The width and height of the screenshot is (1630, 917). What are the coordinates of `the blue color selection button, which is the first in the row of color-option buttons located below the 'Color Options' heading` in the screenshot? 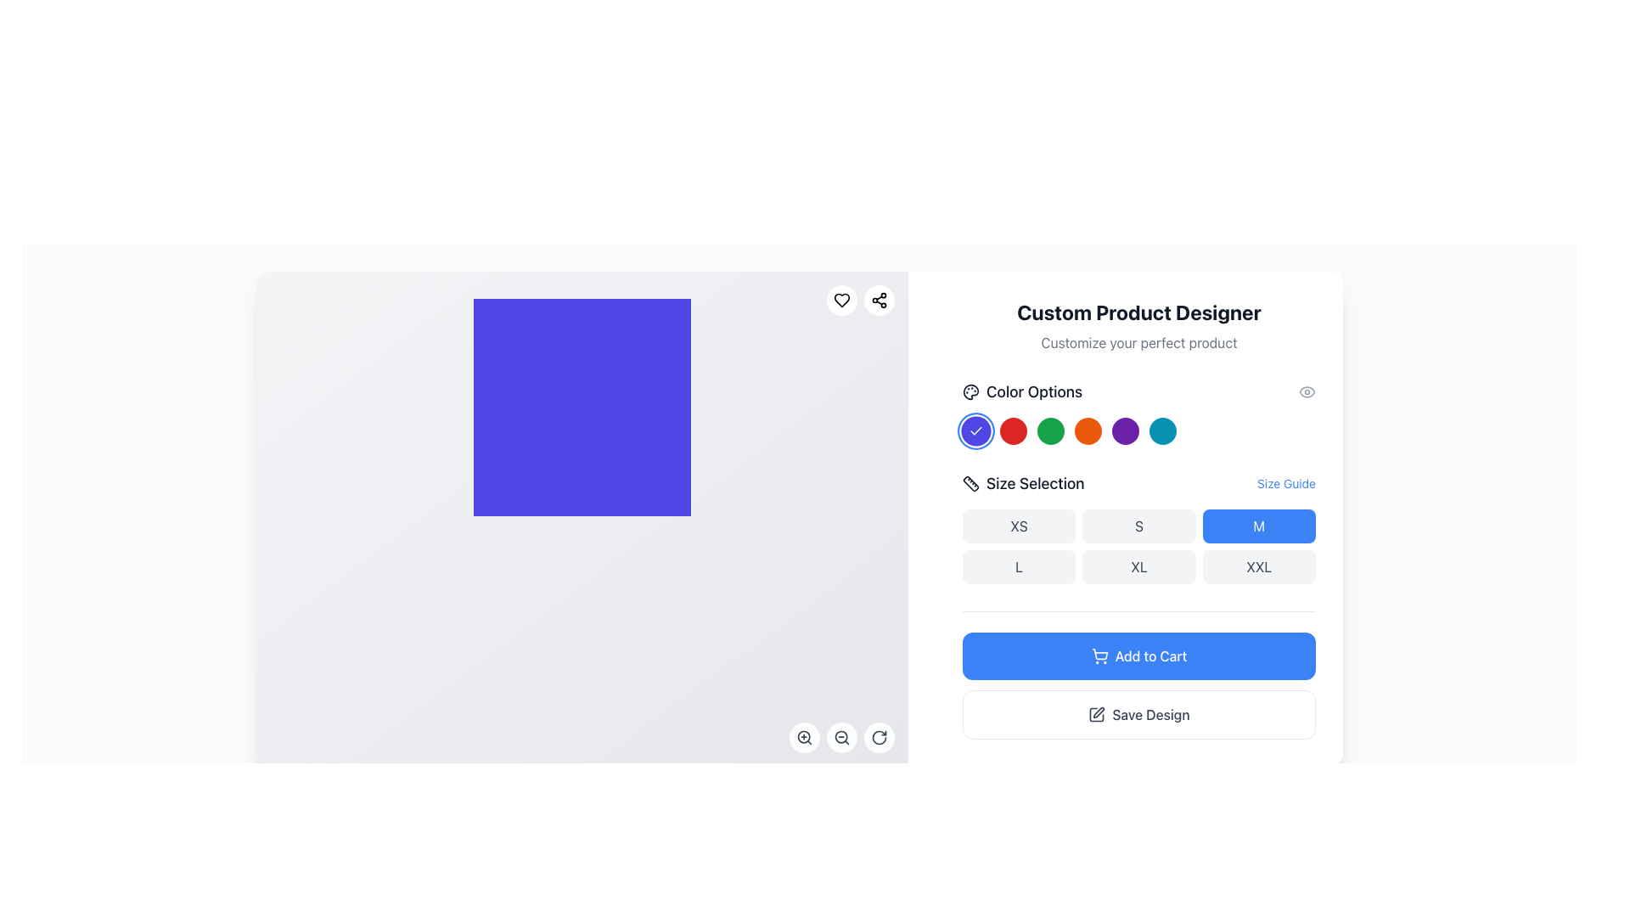 It's located at (976, 429).